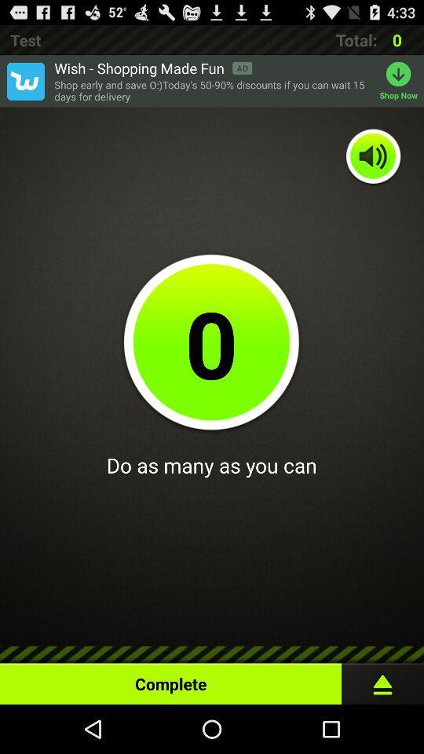  Describe the element at coordinates (401, 81) in the screenshot. I see `item to the right of the shop early and item` at that location.